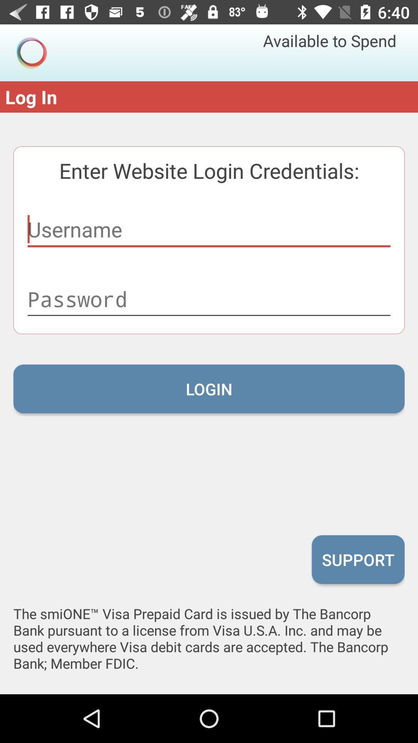 The image size is (418, 743). I want to click on username of app to login, so click(209, 229).